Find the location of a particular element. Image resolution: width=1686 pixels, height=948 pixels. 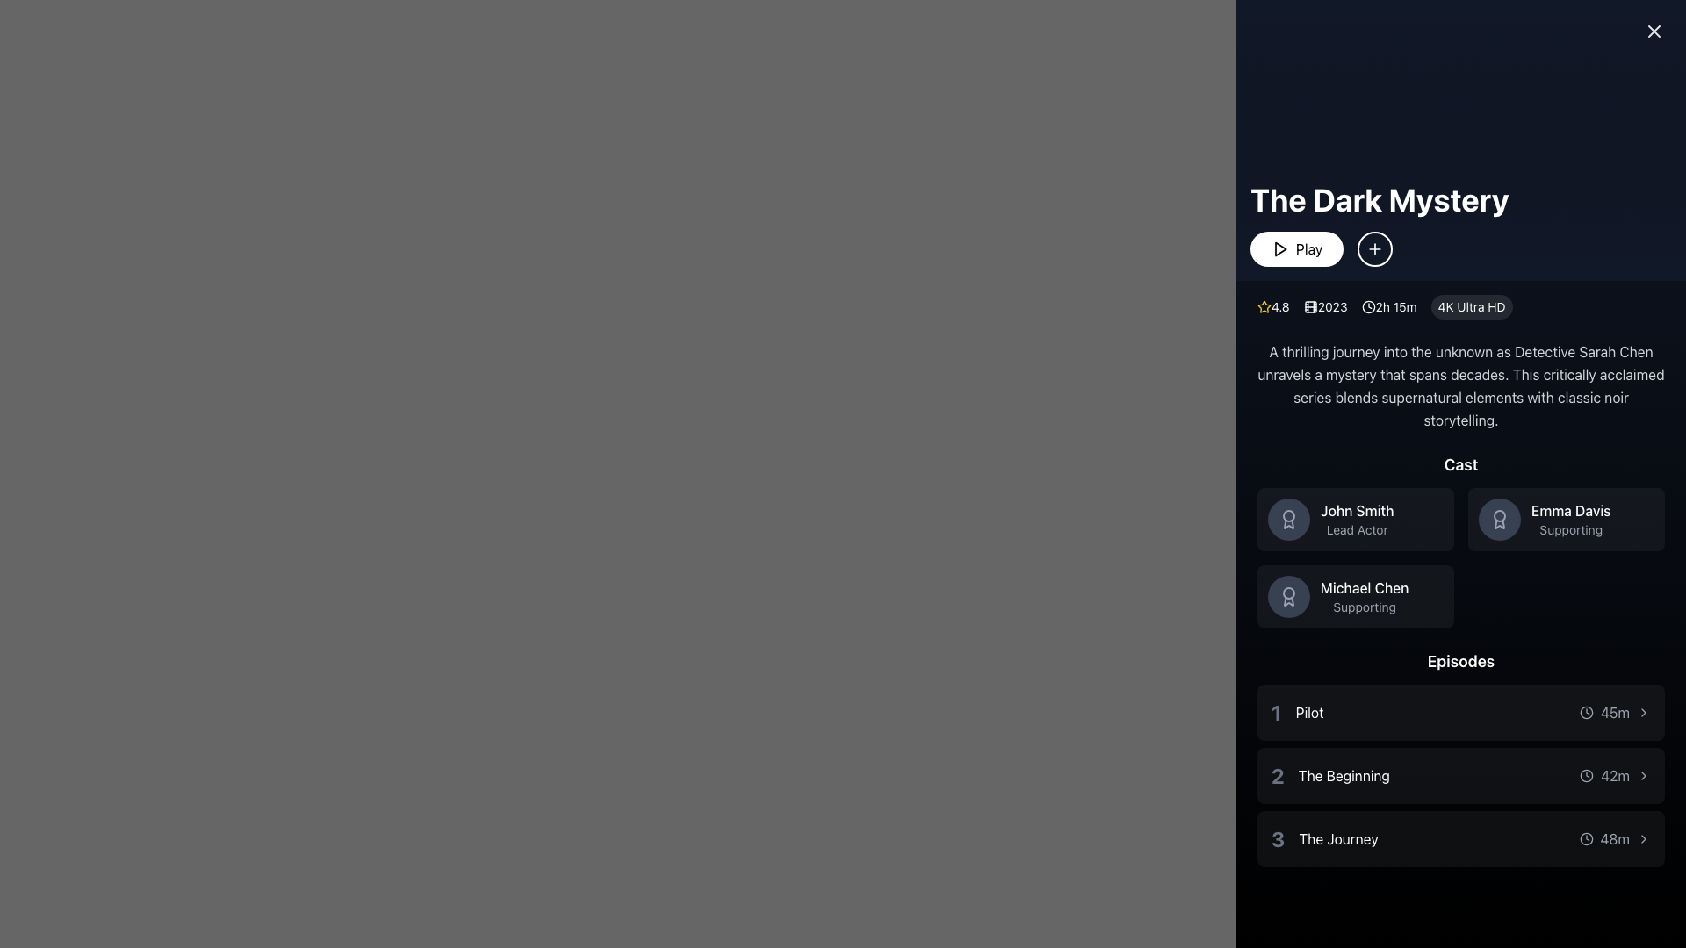

the Badge icon that visually indicates an achievement or prominent role associated with the cast member in the 'Cast' section of the interface is located at coordinates (1289, 592).